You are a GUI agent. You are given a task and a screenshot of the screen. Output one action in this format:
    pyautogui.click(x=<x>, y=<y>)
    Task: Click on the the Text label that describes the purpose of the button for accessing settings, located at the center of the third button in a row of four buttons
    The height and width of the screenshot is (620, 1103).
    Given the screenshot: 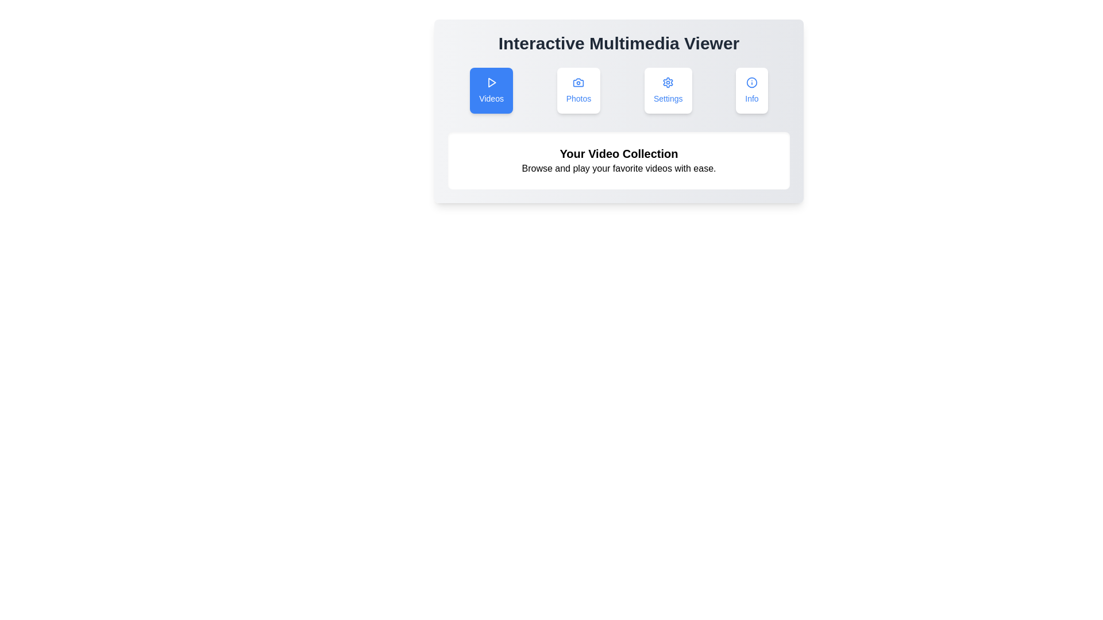 What is the action you would take?
    pyautogui.click(x=668, y=98)
    